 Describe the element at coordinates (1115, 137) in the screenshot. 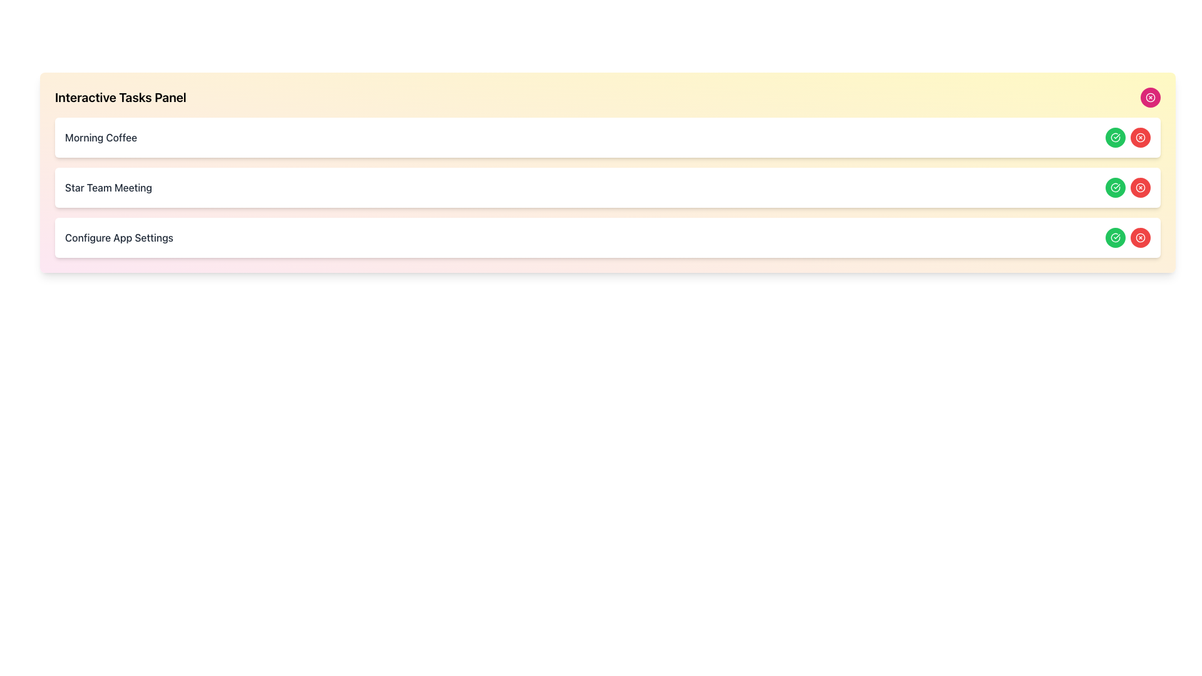

I see `the first green checkmark icon in the third line of the task list` at that location.